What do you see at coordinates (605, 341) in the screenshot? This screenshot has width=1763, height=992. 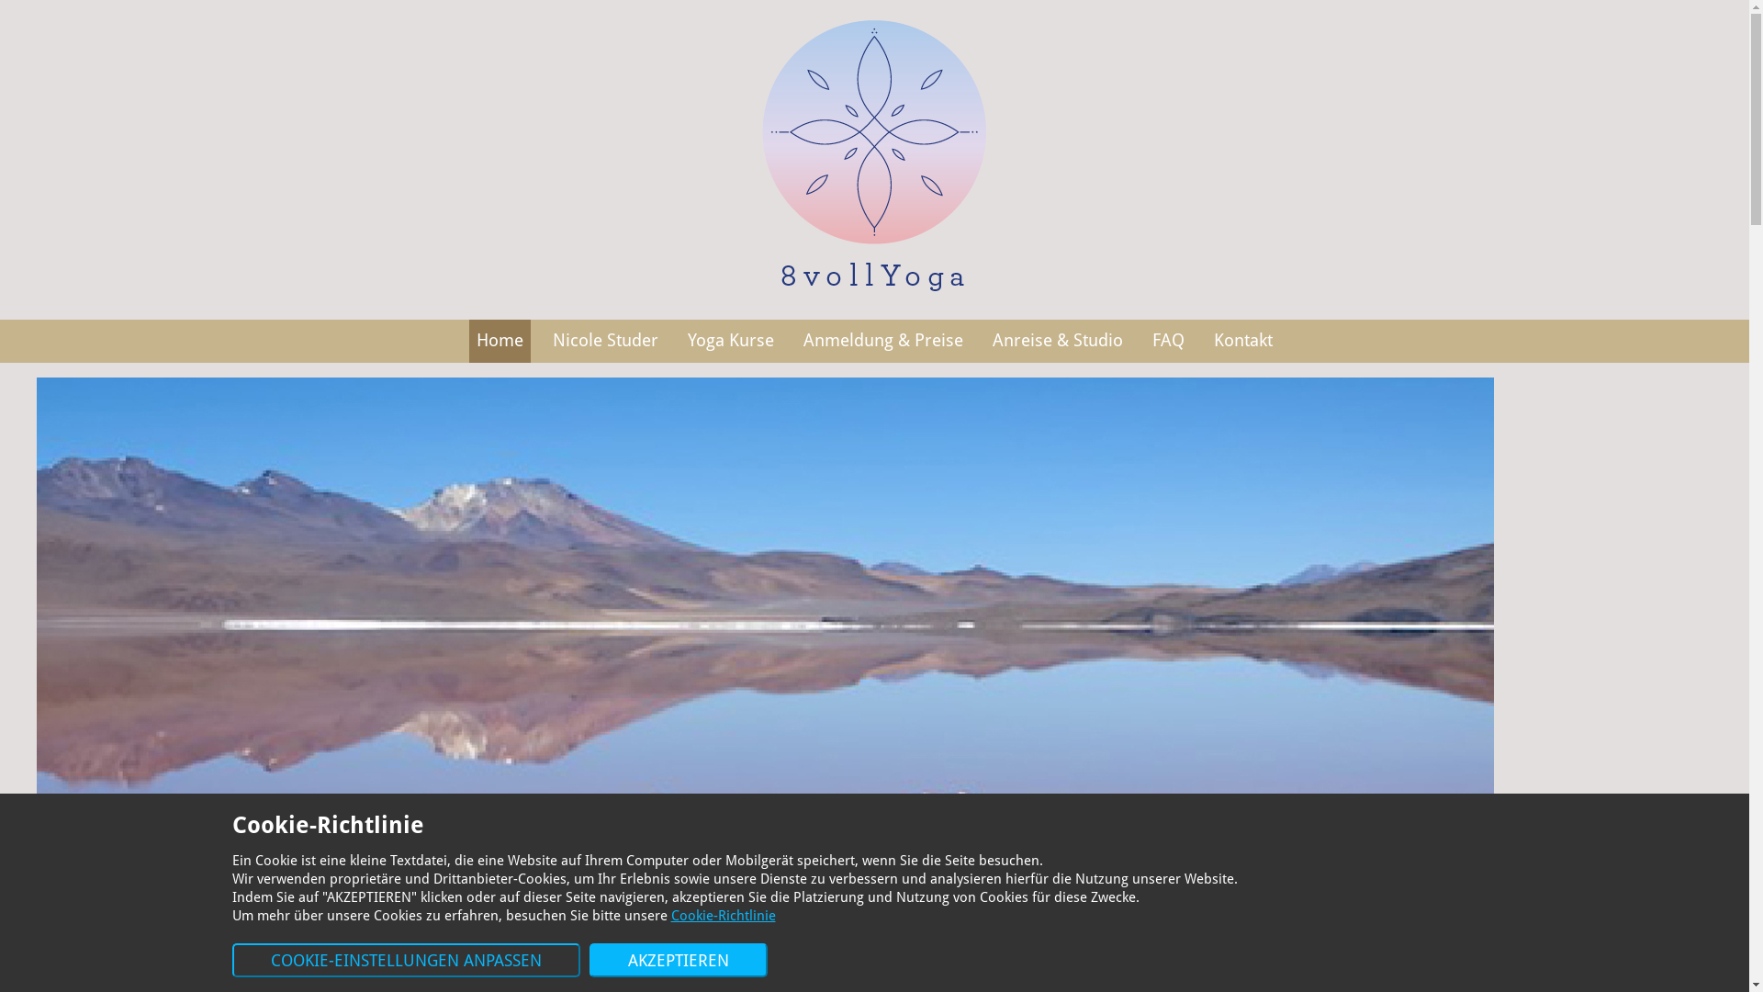 I see `'Nicole Studer'` at bounding box center [605, 341].